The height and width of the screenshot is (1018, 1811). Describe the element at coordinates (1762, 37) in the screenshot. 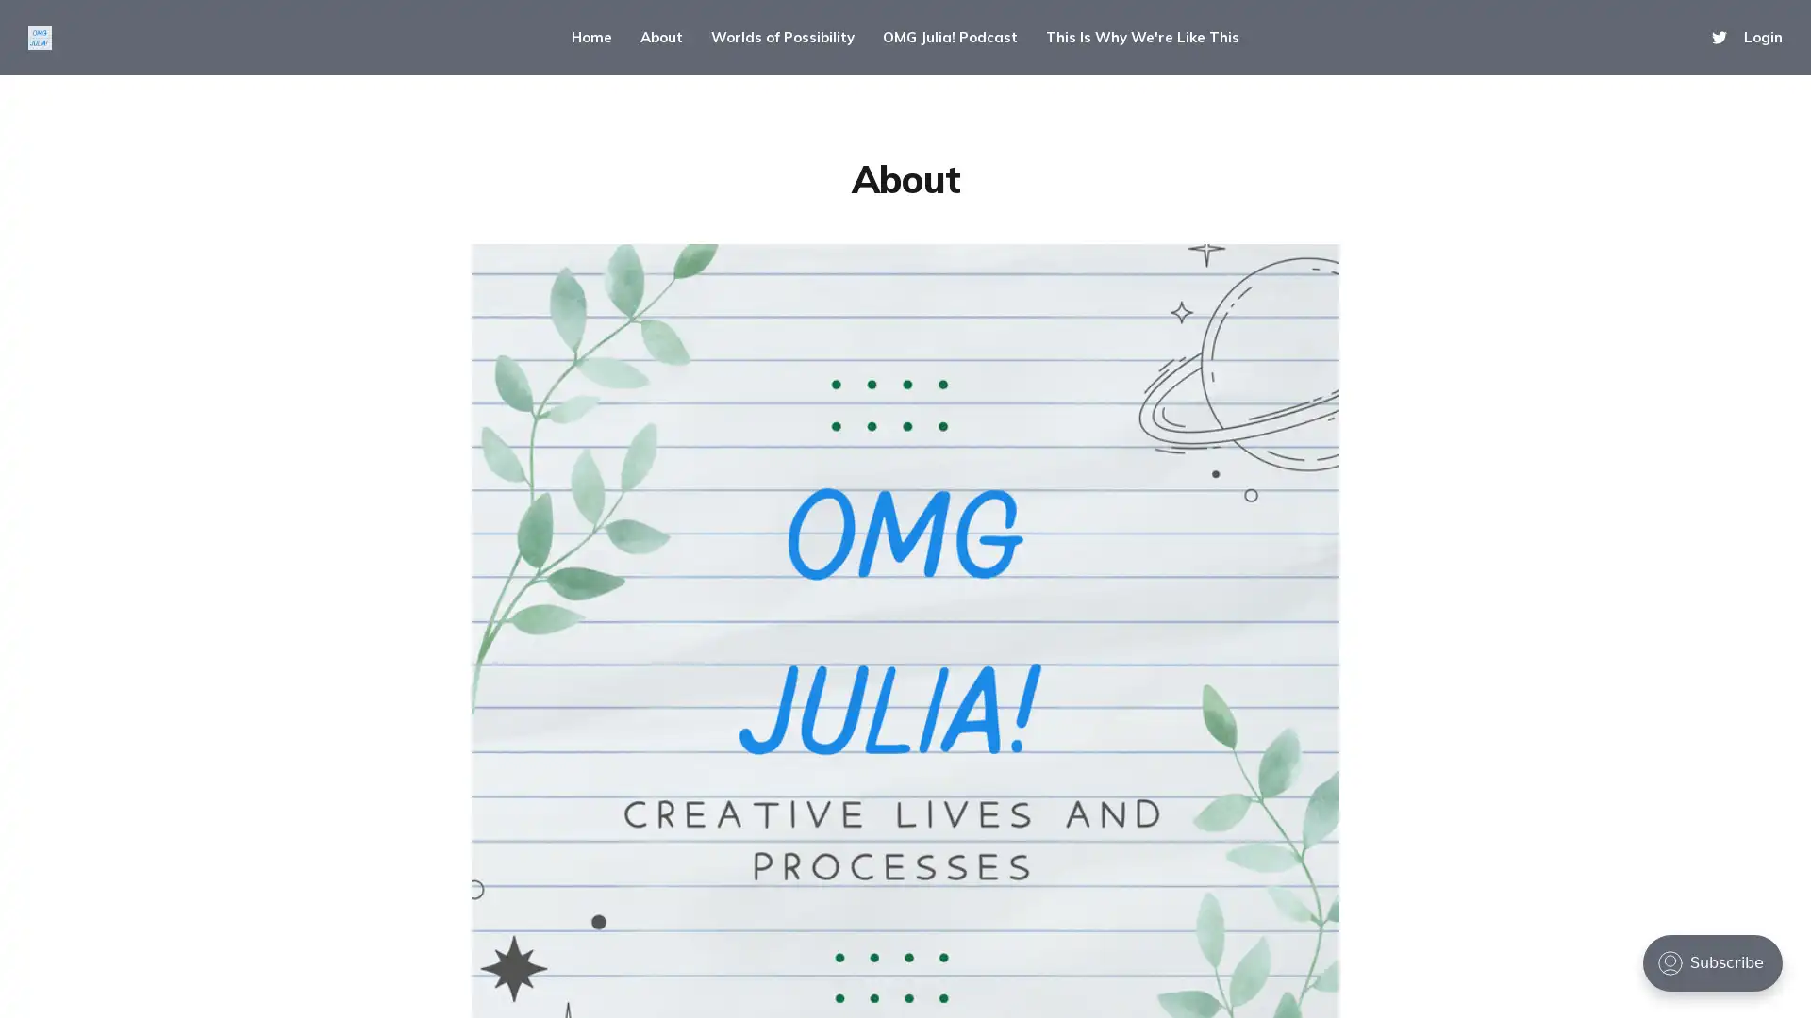

I see `Login` at that location.